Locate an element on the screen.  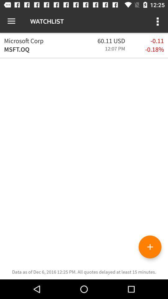
to watchlist is located at coordinates (150, 247).